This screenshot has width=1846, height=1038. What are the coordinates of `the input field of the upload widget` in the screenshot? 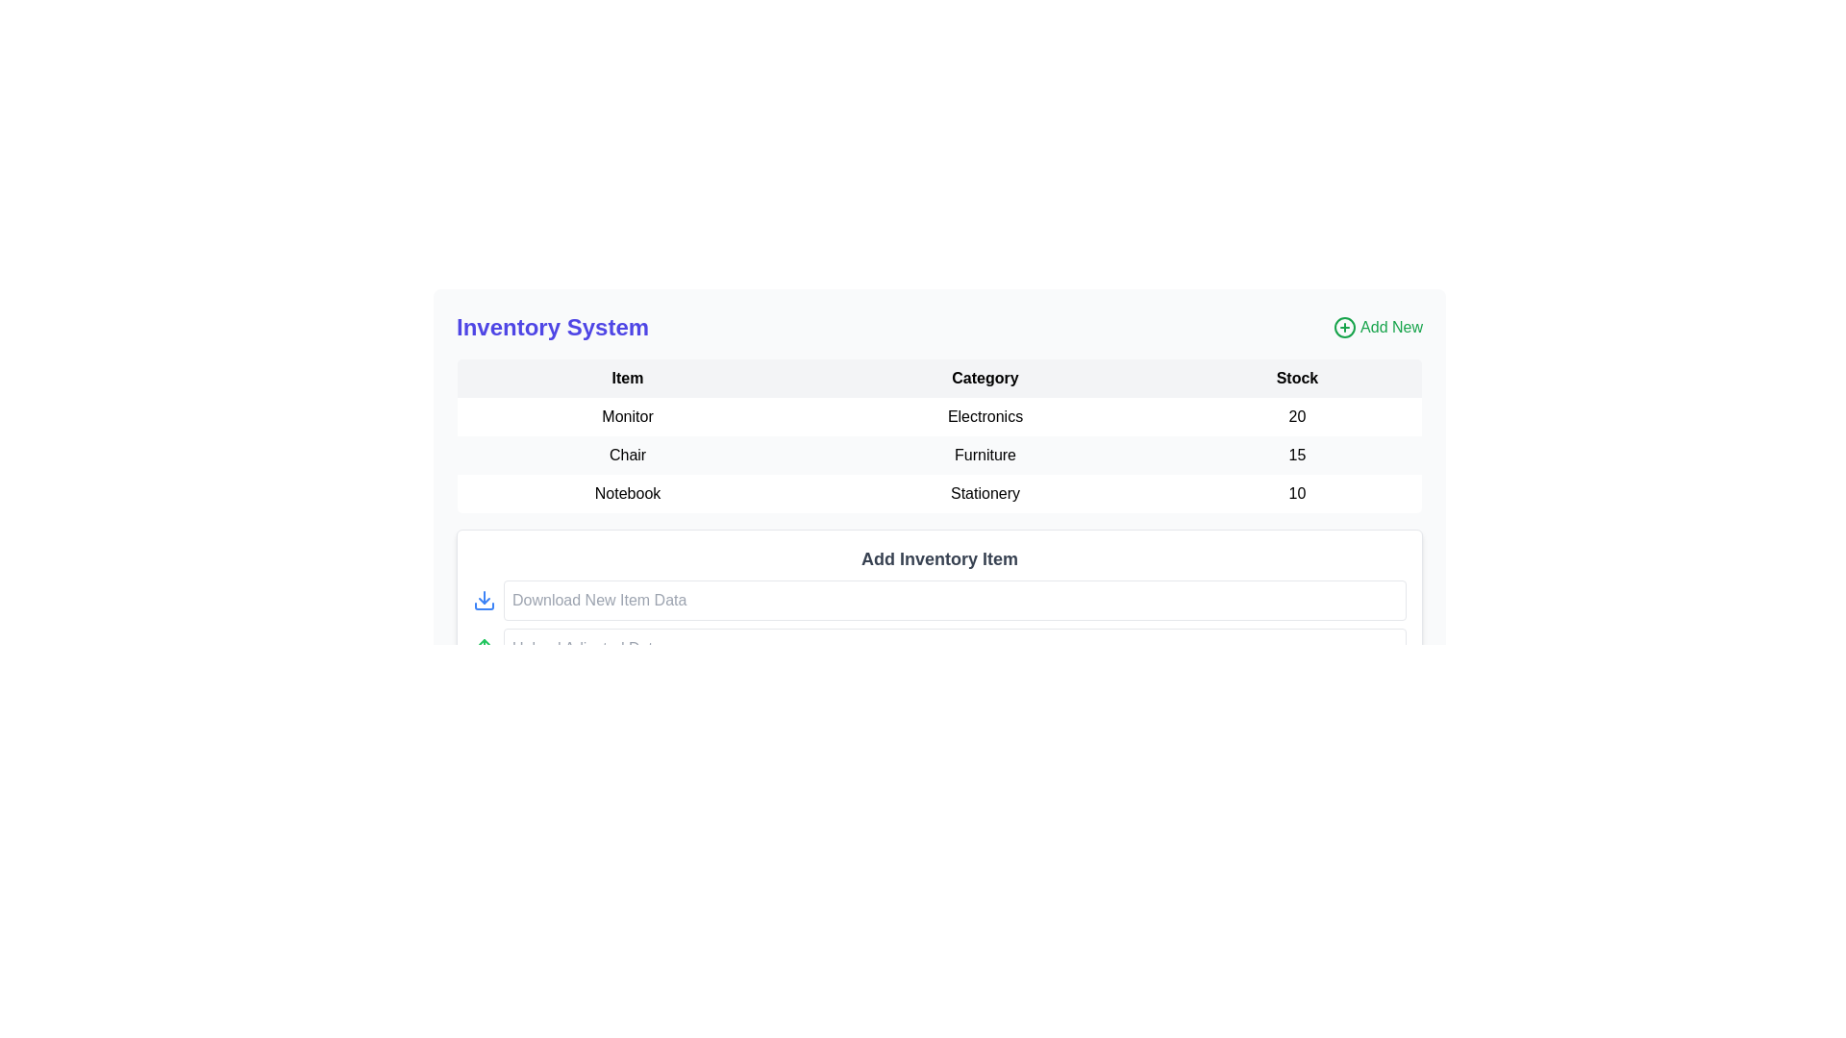 It's located at (939, 649).